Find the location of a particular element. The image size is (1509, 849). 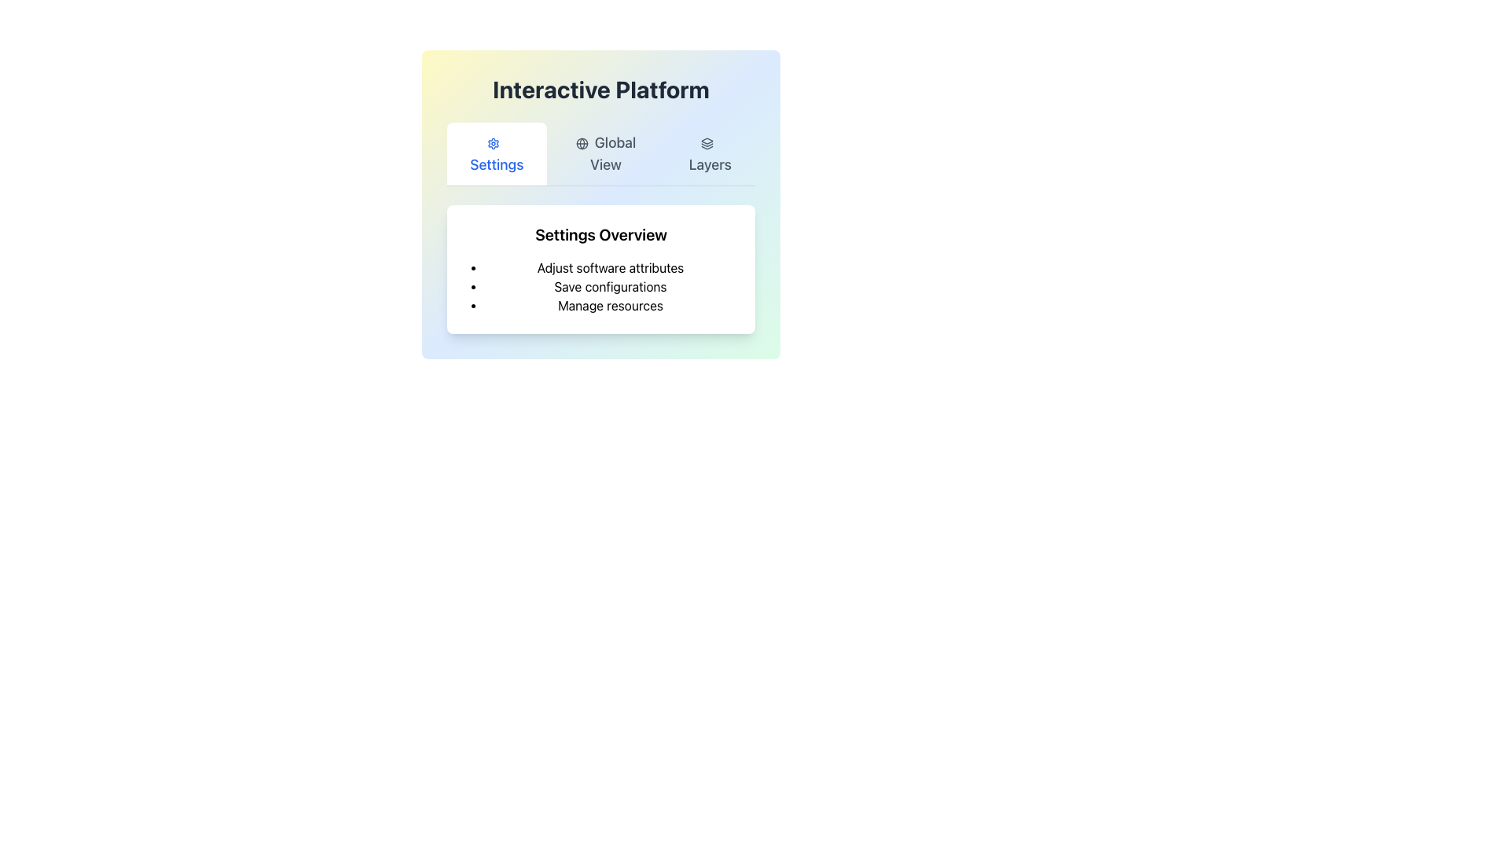

the 'Global View' navigation tab, which is the second tab in a row of three is located at coordinates (600, 154).